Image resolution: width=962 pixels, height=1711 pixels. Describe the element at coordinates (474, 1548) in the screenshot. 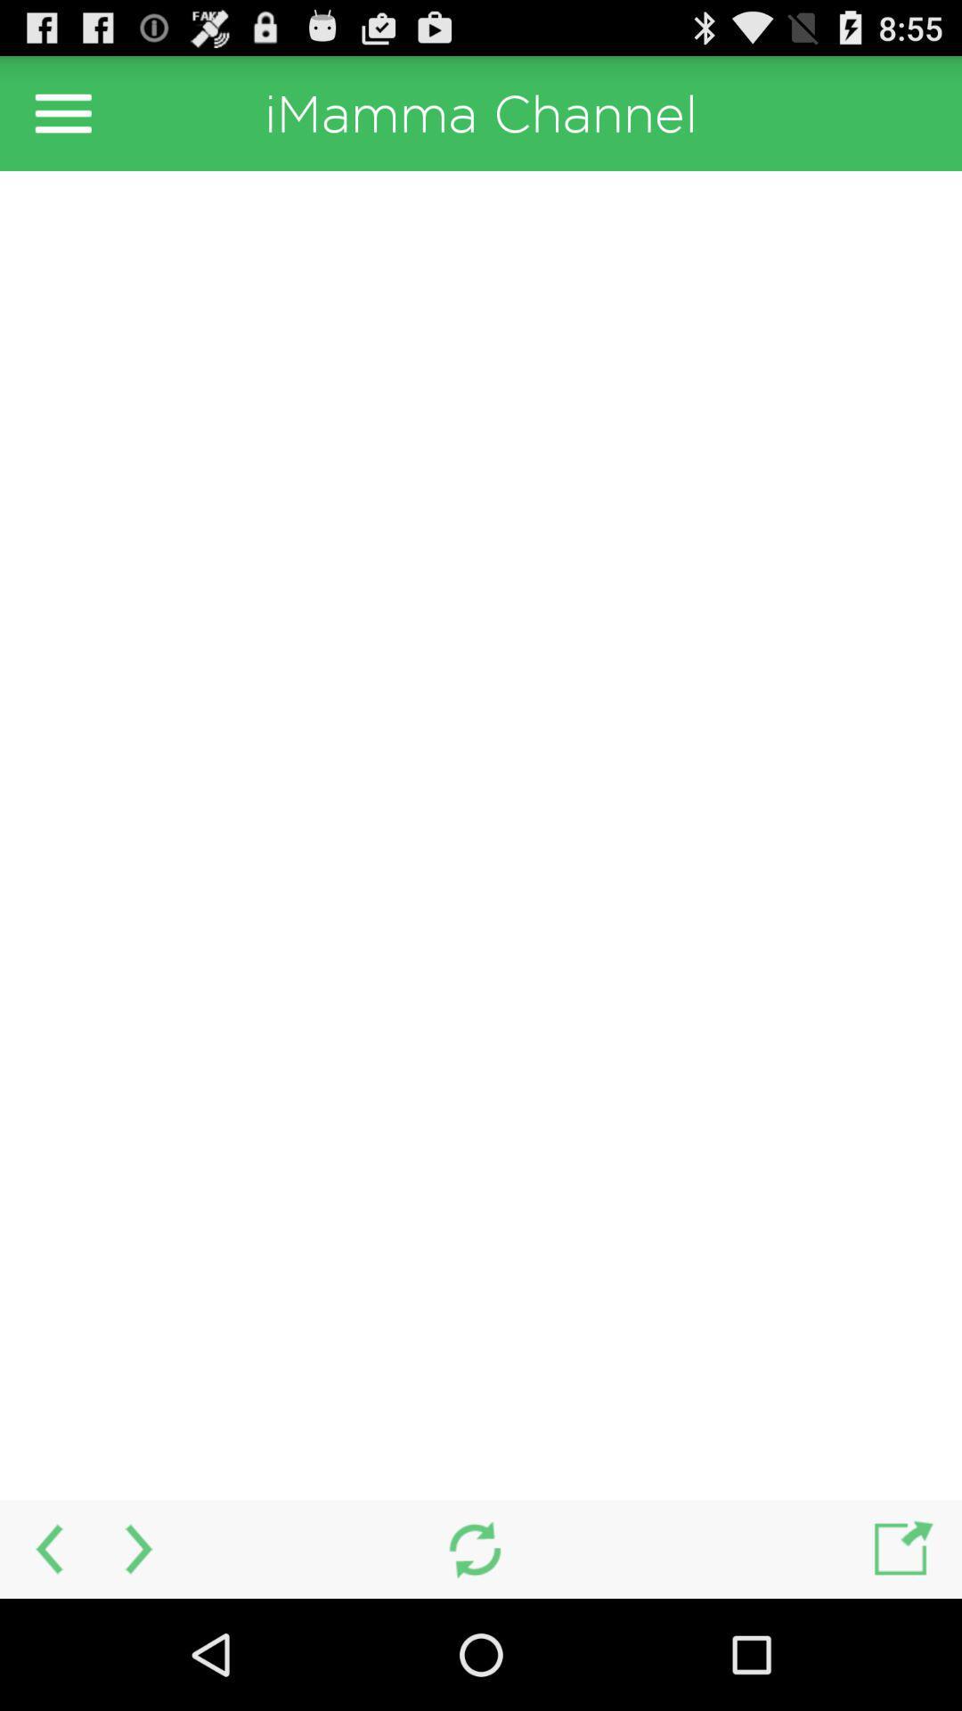

I see `reload the window` at that location.